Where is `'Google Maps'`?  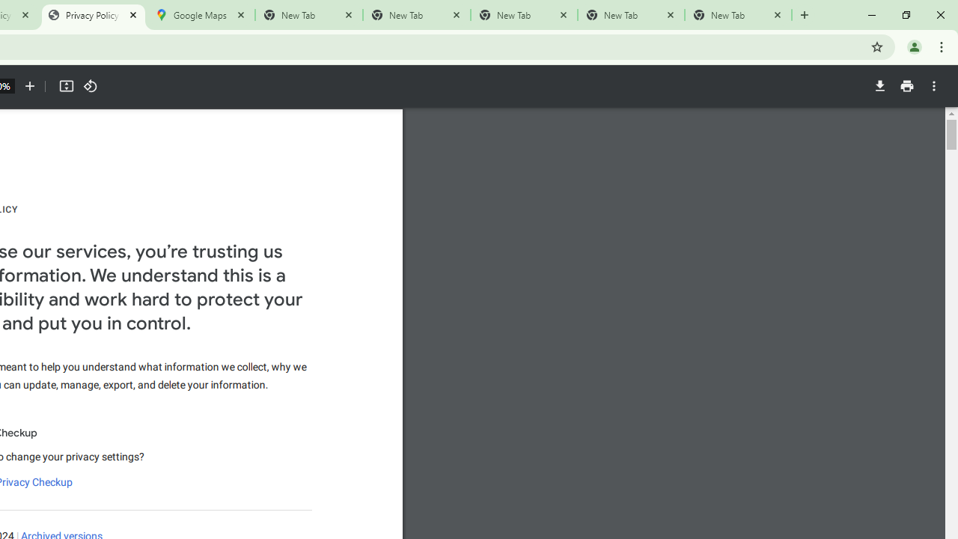
'Google Maps' is located at coordinates (200, 15).